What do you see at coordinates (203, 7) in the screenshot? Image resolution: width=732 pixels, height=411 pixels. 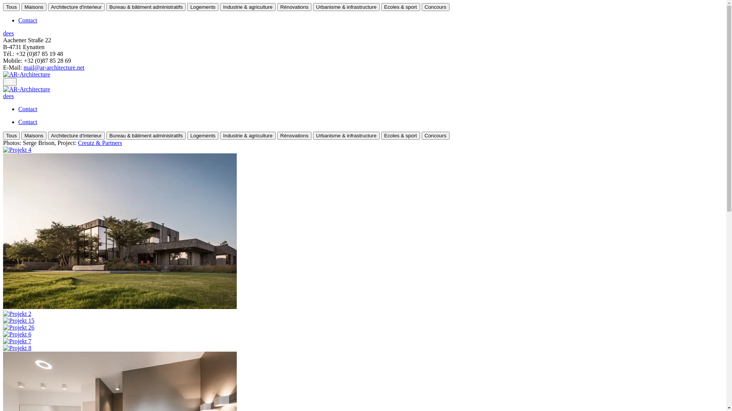 I see `'Logements'` at bounding box center [203, 7].